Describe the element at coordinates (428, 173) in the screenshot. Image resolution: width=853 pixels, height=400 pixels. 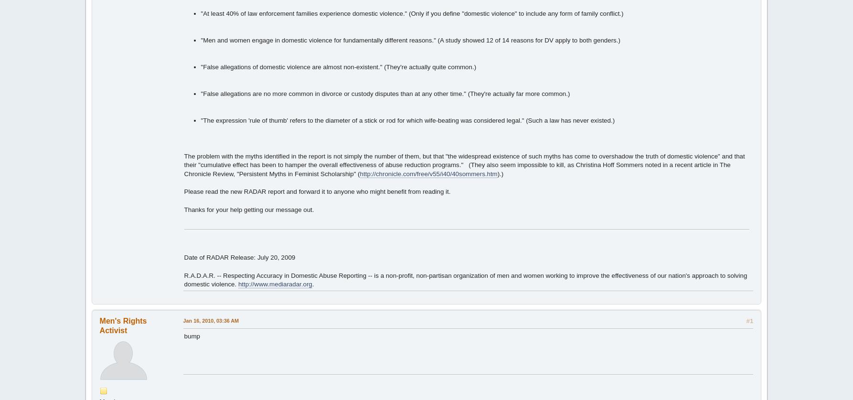
I see `'http://chronicle.com/free/v55/i40/40sommers.htm'` at that location.